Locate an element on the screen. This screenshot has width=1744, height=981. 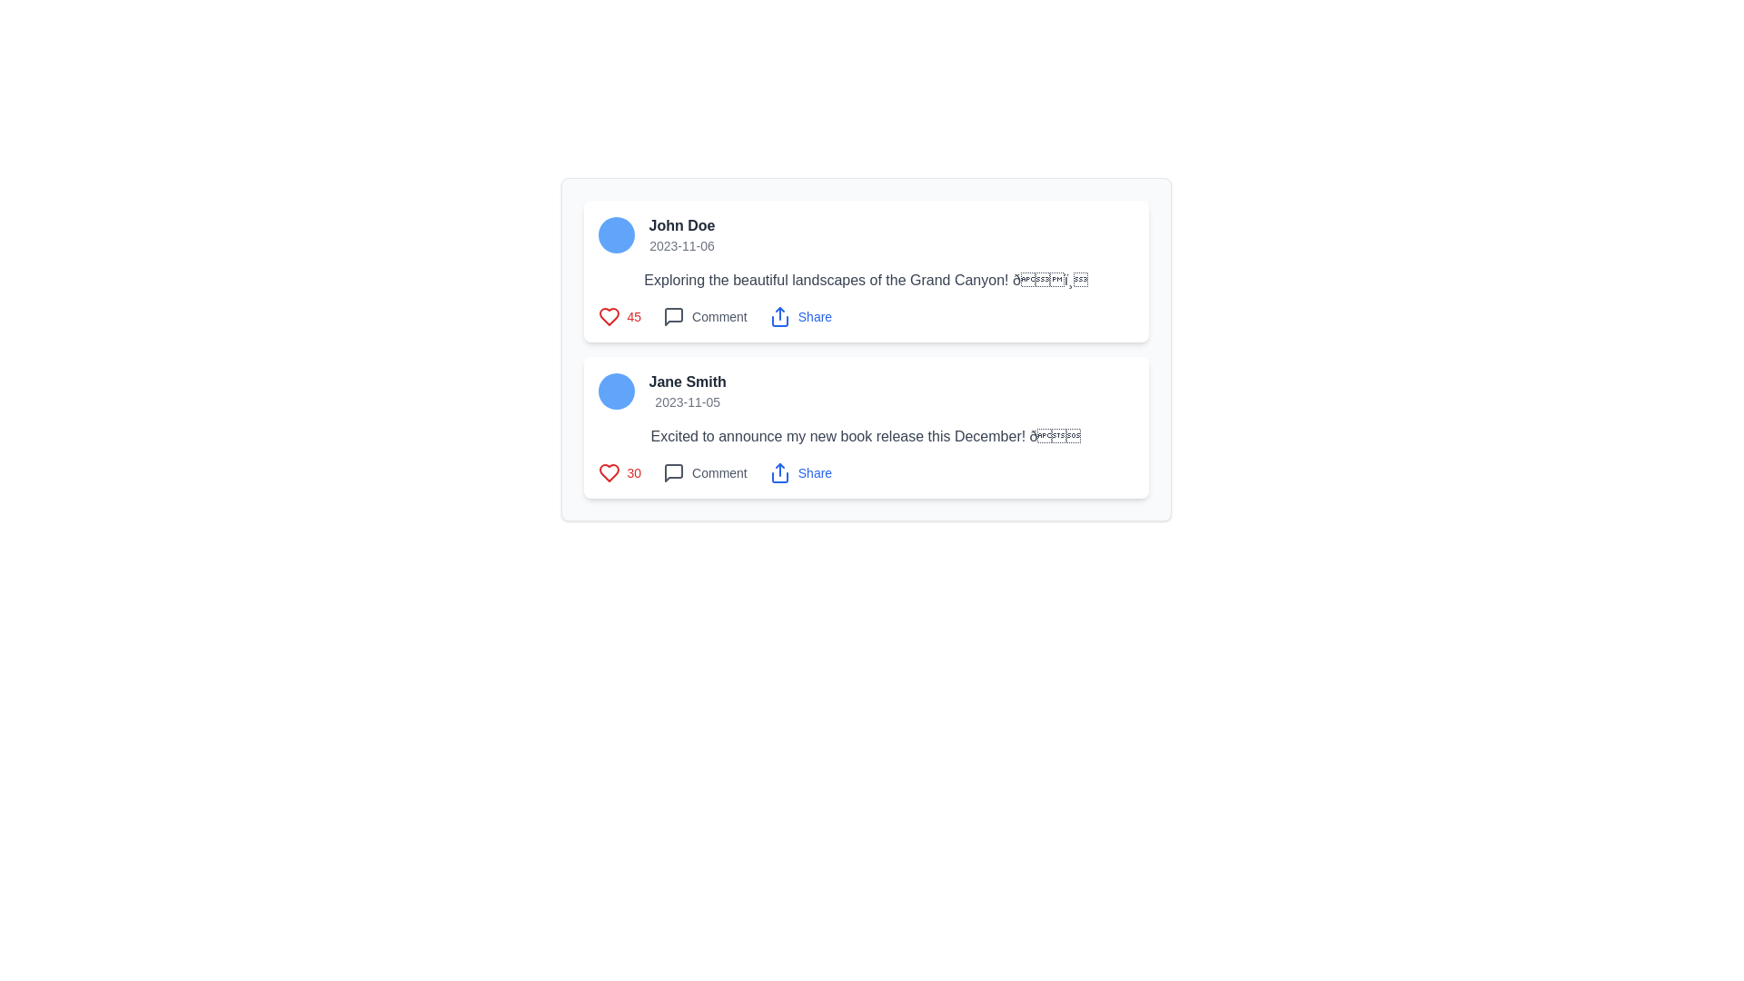
the static text label displaying '2023-11-06' in a small gray styled font, which is positioned in the header of the comment box, located next to the bold name label 'John Doe' is located at coordinates (680, 245).